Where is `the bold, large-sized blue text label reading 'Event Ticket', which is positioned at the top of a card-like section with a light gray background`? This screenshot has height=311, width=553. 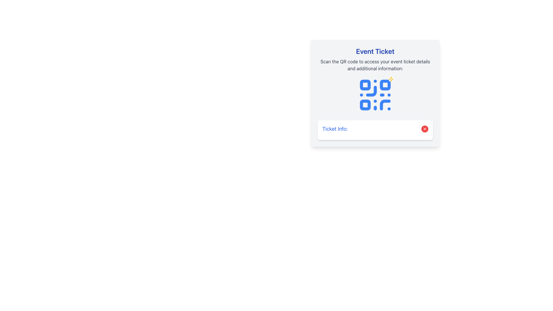 the bold, large-sized blue text label reading 'Event Ticket', which is positioned at the top of a card-like section with a light gray background is located at coordinates (375, 51).